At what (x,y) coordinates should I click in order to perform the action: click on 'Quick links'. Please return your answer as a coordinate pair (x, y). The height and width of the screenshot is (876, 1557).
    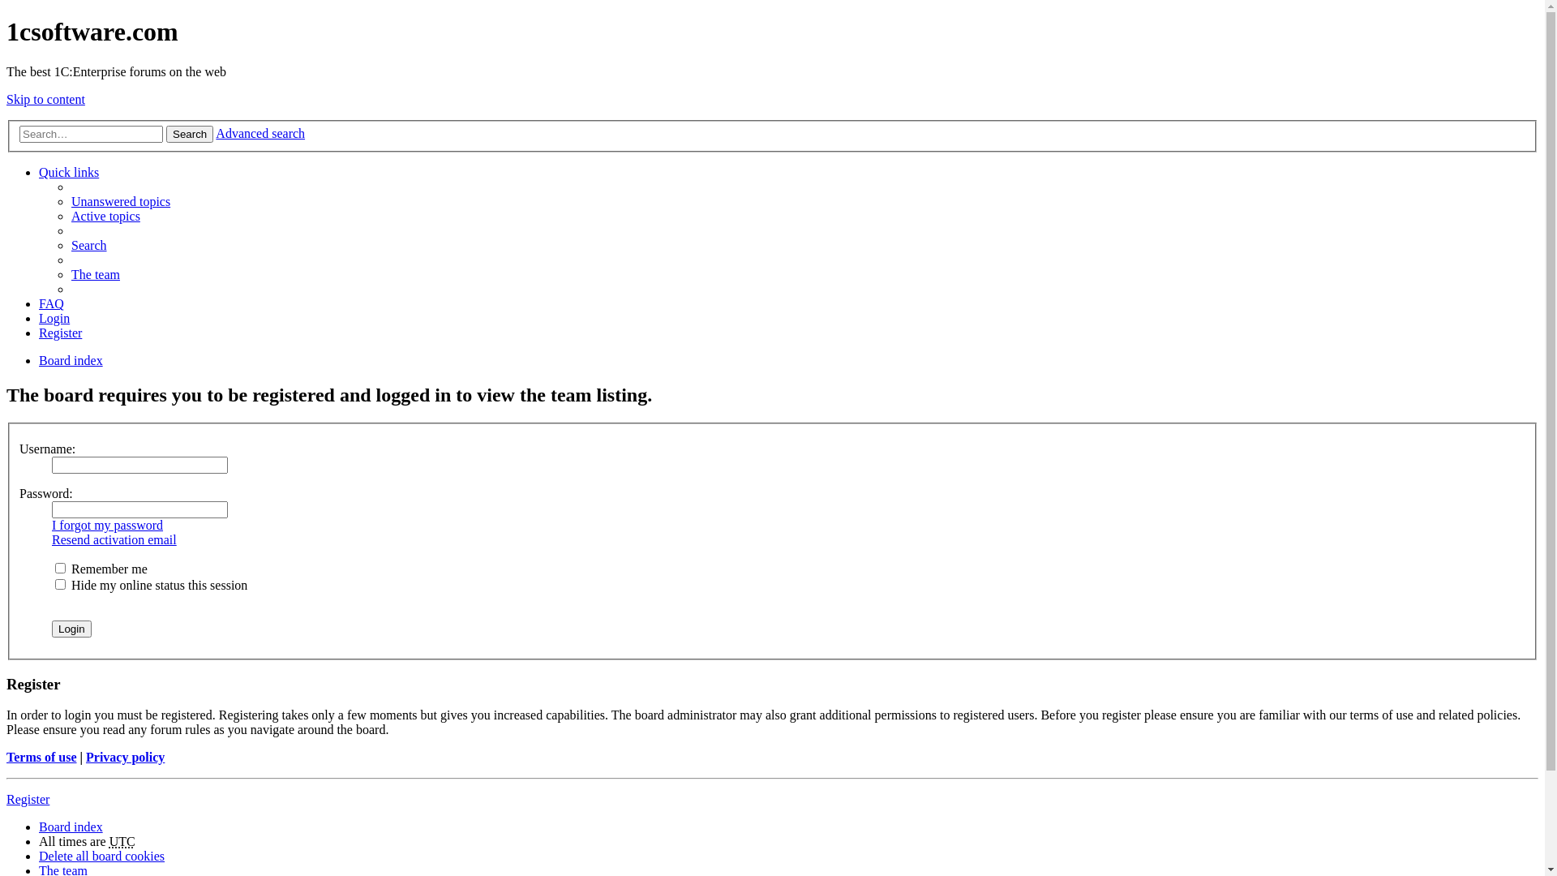
    Looking at the image, I should click on (68, 172).